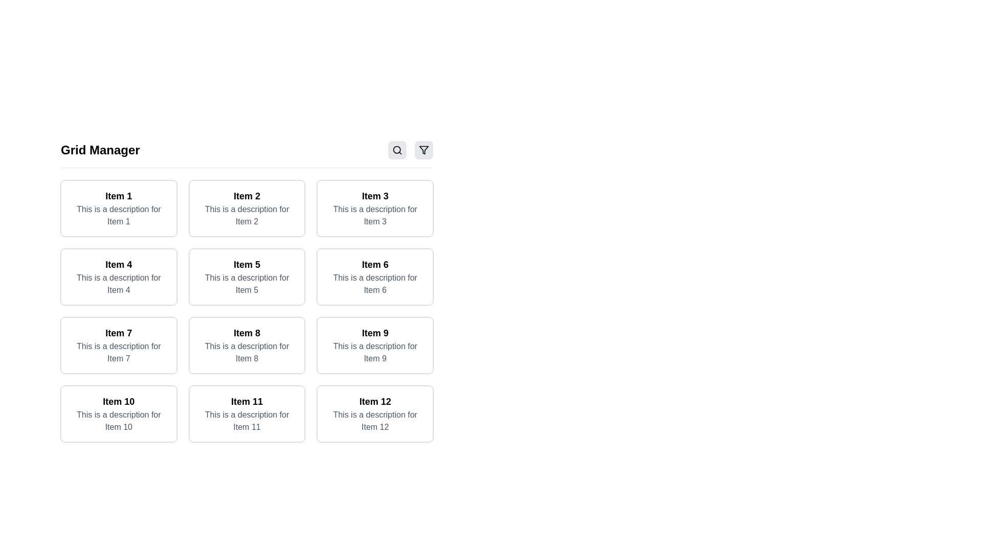  I want to click on text content of the label located in the bottom right cell of a 4x3 grid, positioned above the descriptive text for 'Item 12', so click(374, 401).